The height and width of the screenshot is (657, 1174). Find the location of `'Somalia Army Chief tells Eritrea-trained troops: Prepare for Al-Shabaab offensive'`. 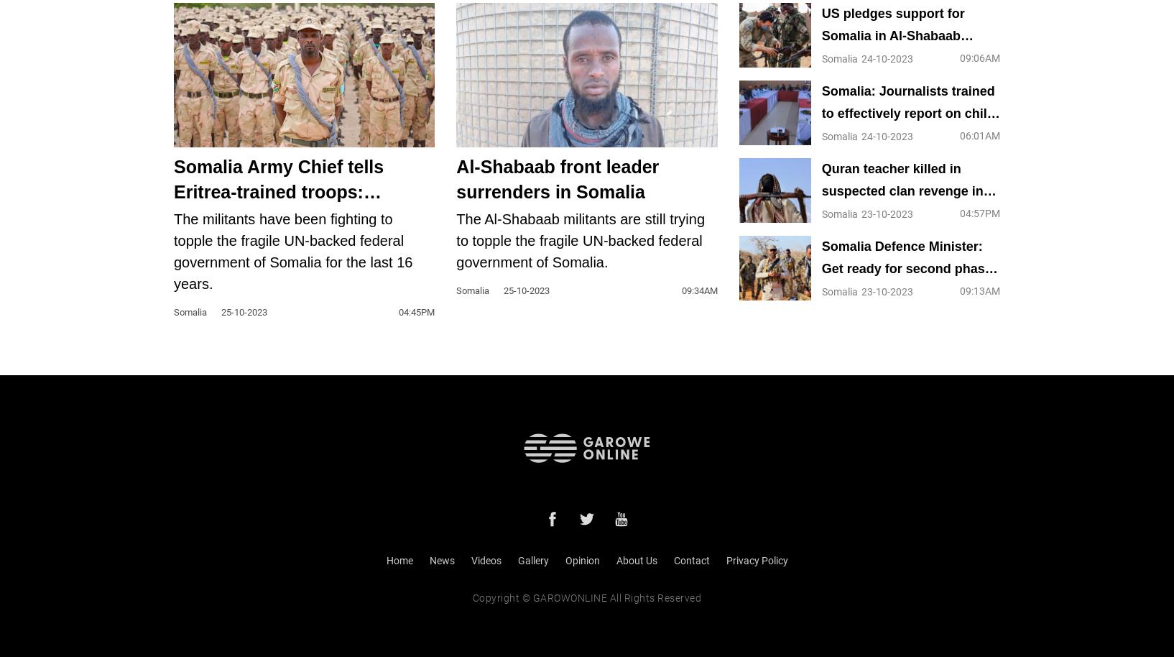

'Somalia Army Chief tells Eritrea-trained troops: Prepare for Al-Shabaab offensive' is located at coordinates (278, 203).